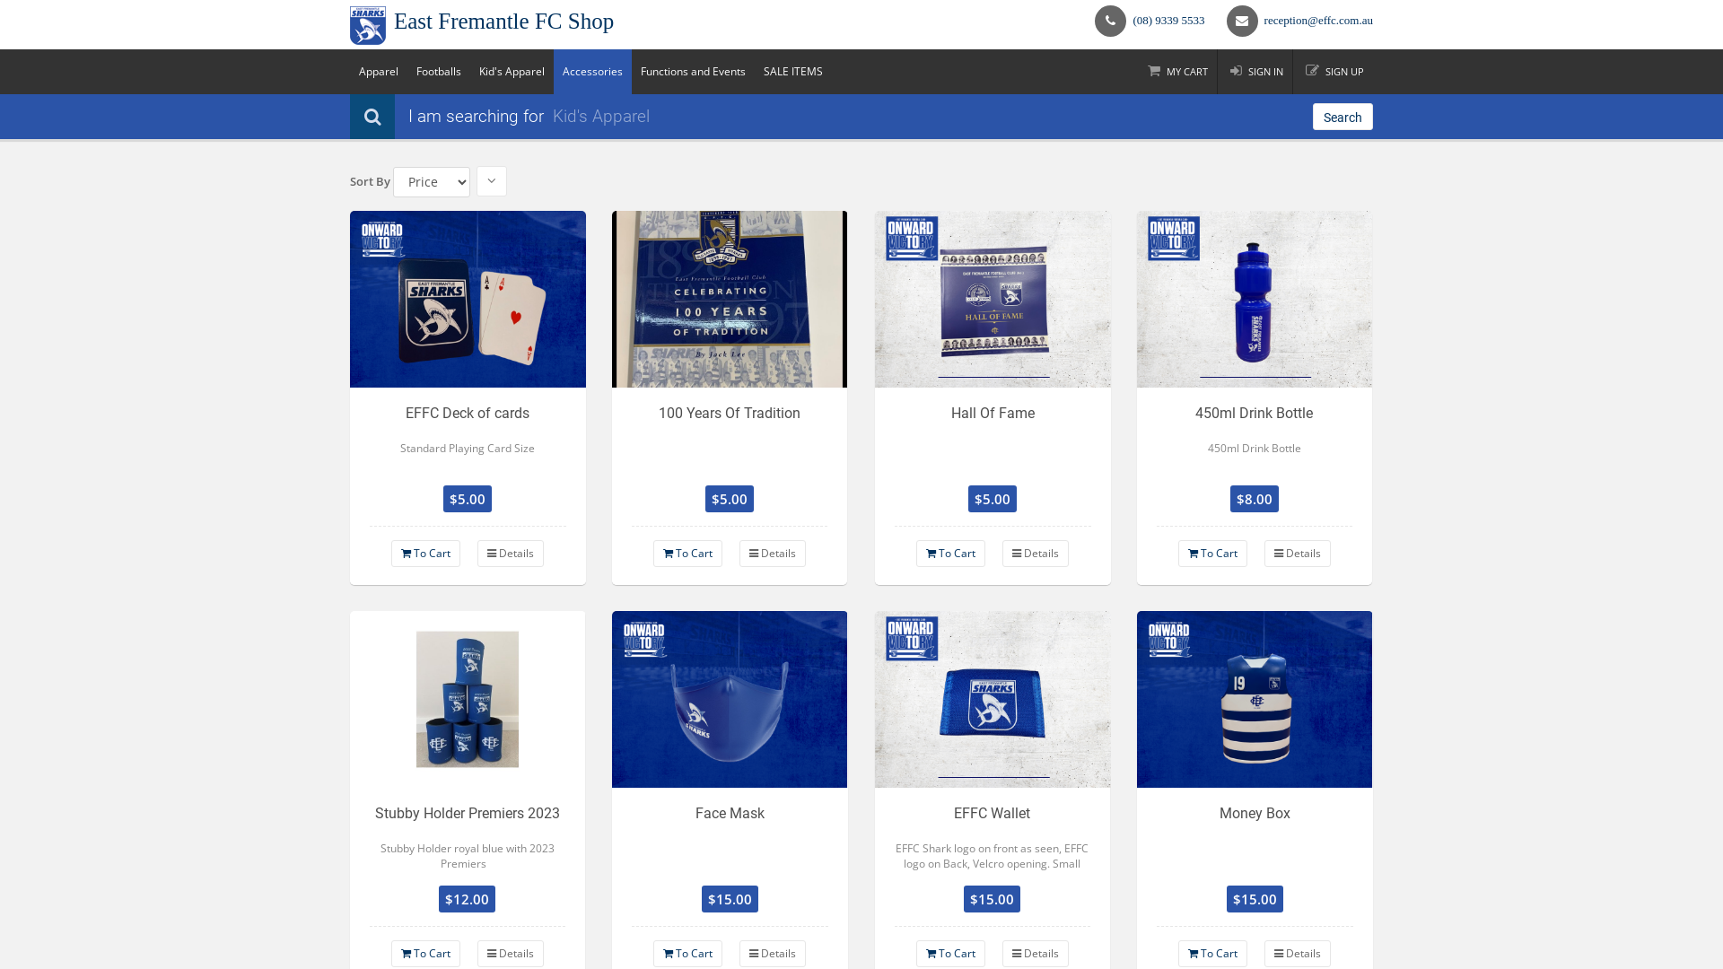  I want to click on 'reception@effc.com.au', so click(1318, 20).